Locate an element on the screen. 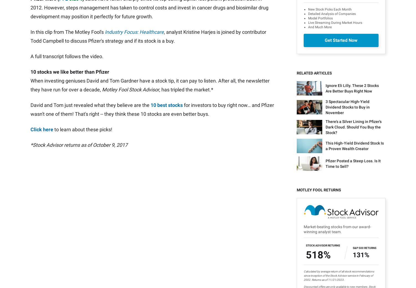 The height and width of the screenshot is (288, 416). 'Todd Campbell' is located at coordinates (136, 33).